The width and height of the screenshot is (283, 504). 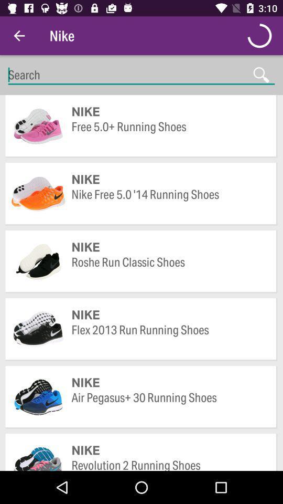 I want to click on icon below the nike item, so click(x=169, y=405).